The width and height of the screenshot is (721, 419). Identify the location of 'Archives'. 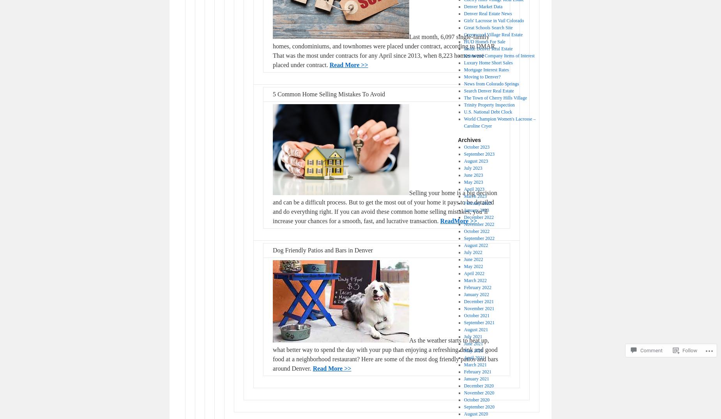
(469, 140).